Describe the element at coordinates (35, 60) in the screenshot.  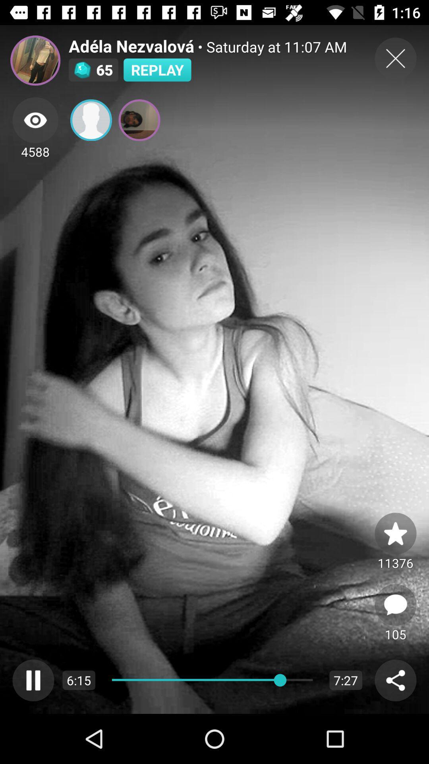
I see `avatar` at that location.